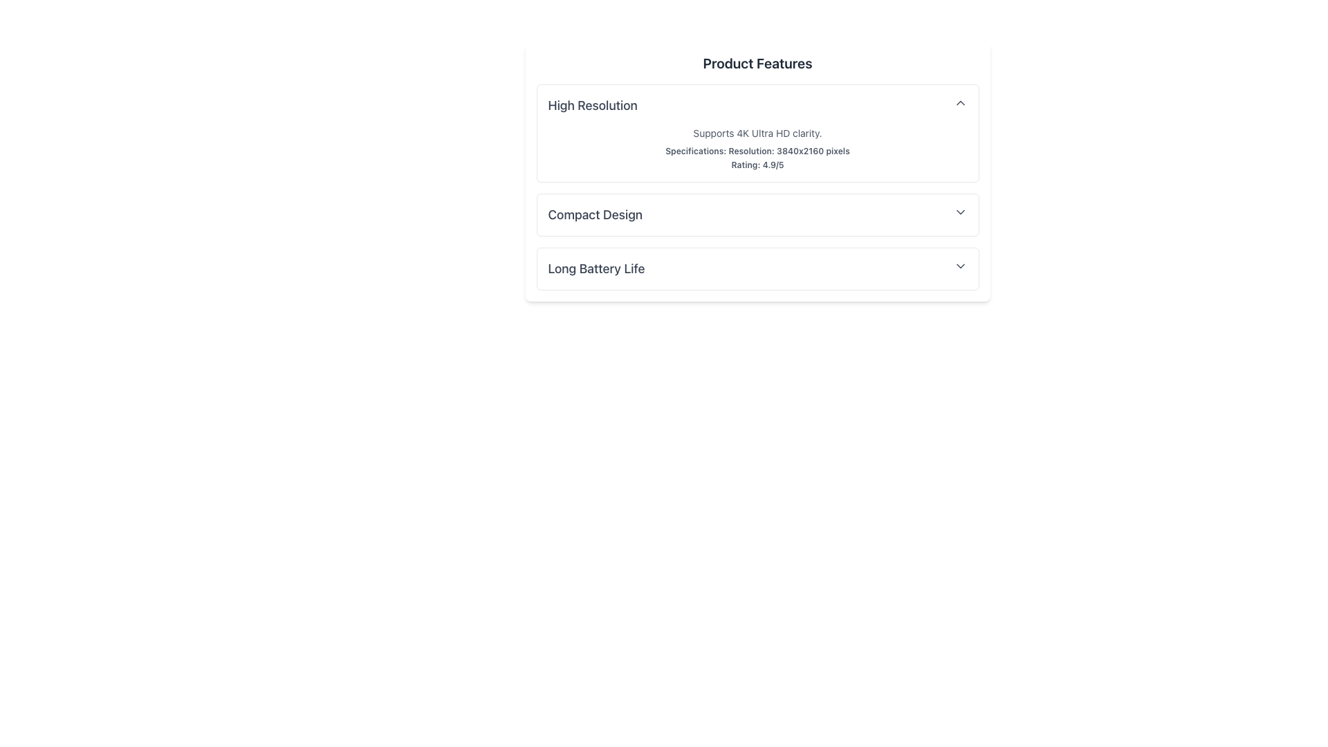 This screenshot has height=747, width=1328. Describe the element at coordinates (757, 149) in the screenshot. I see `the Descriptive Text Block that presents detailed information about the product's display capabilities, located under the 'High Resolution' section of 'Product Features.'` at that location.